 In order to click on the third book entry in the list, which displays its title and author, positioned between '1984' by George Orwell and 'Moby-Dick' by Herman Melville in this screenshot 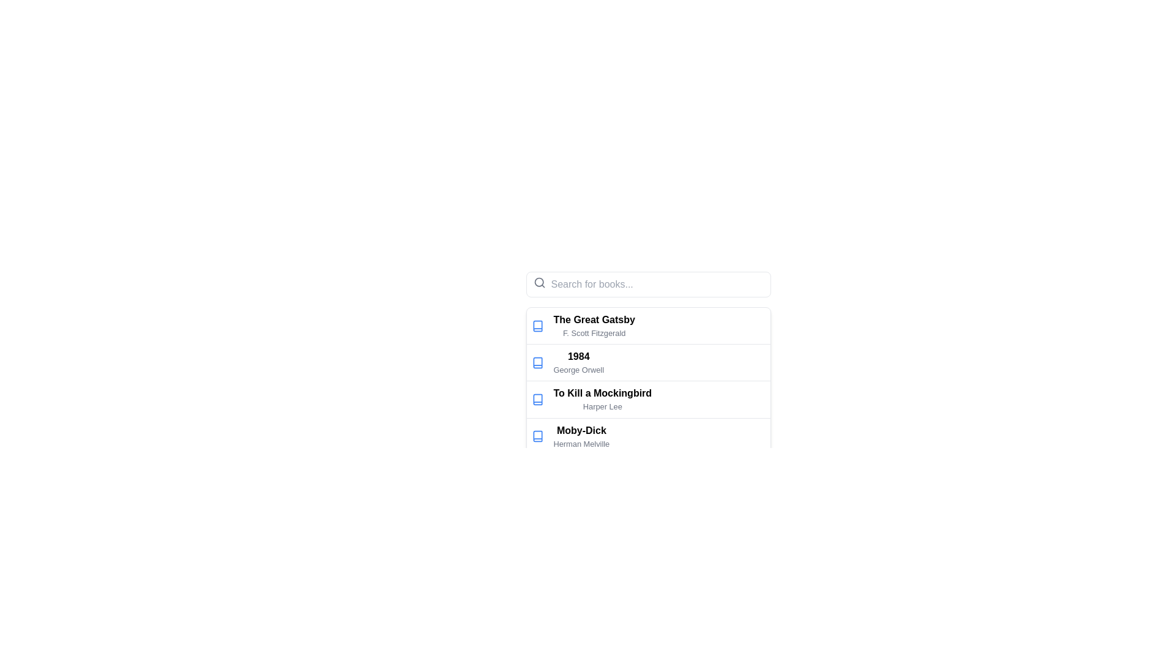, I will do `click(647, 399)`.